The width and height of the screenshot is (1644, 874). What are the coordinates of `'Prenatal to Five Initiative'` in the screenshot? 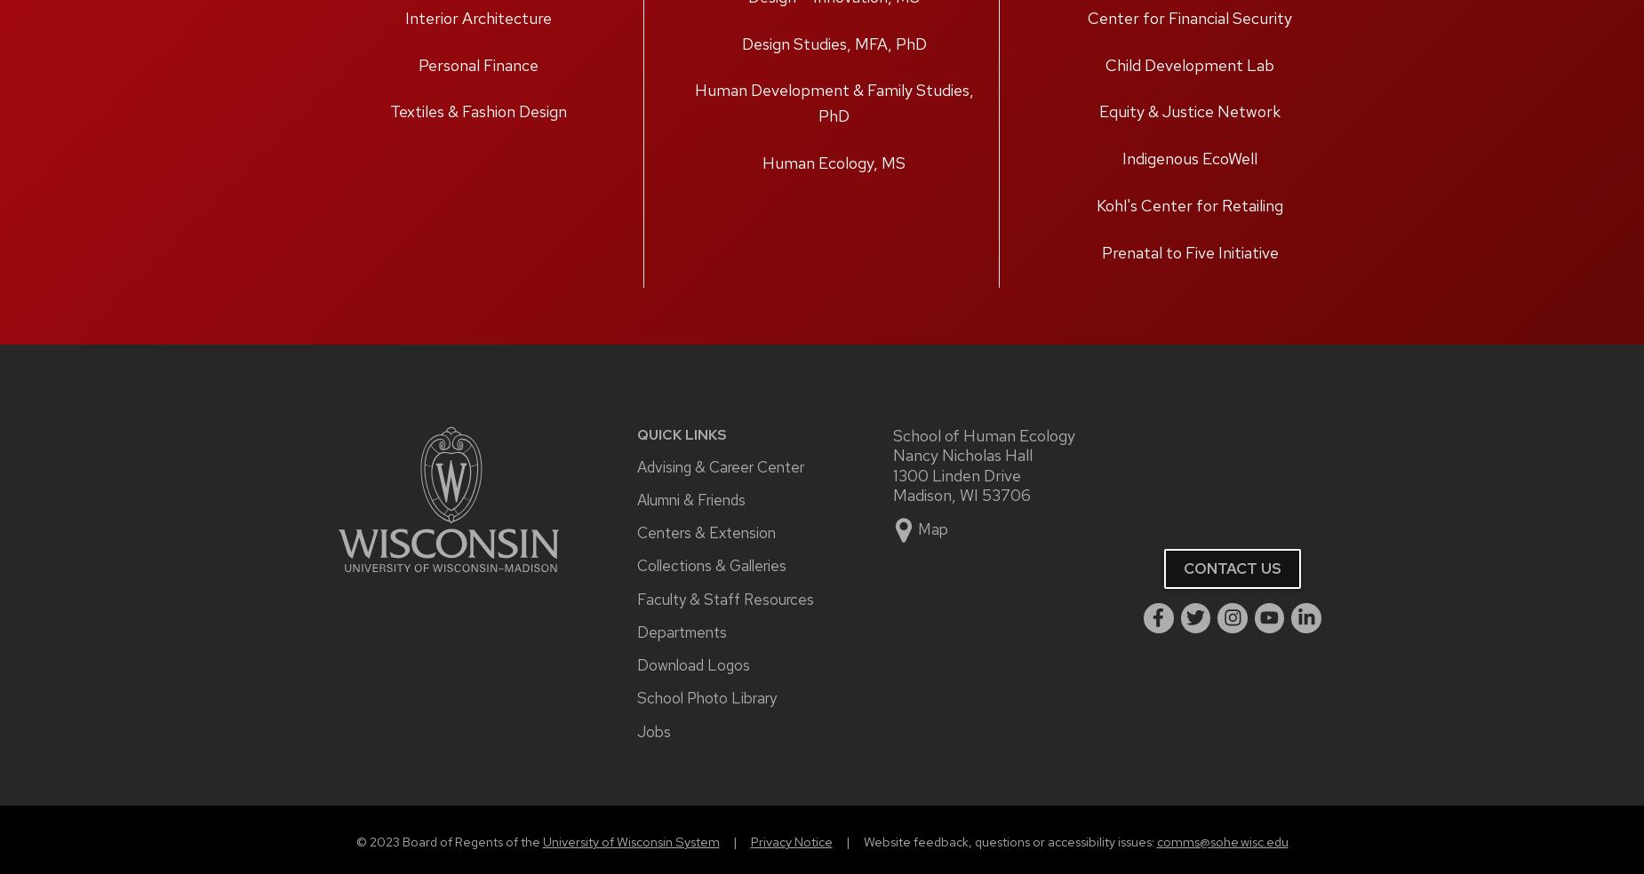 It's located at (1188, 250).